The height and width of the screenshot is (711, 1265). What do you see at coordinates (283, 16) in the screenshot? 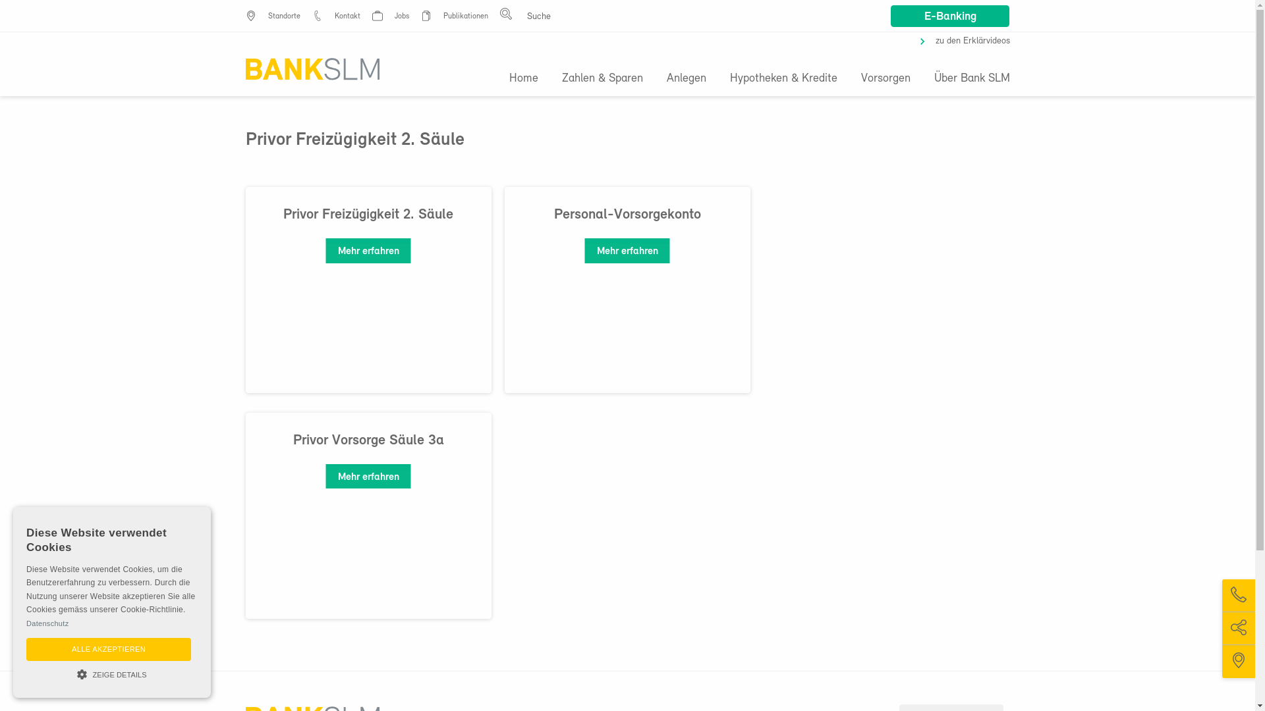
I see `'Standorte'` at bounding box center [283, 16].